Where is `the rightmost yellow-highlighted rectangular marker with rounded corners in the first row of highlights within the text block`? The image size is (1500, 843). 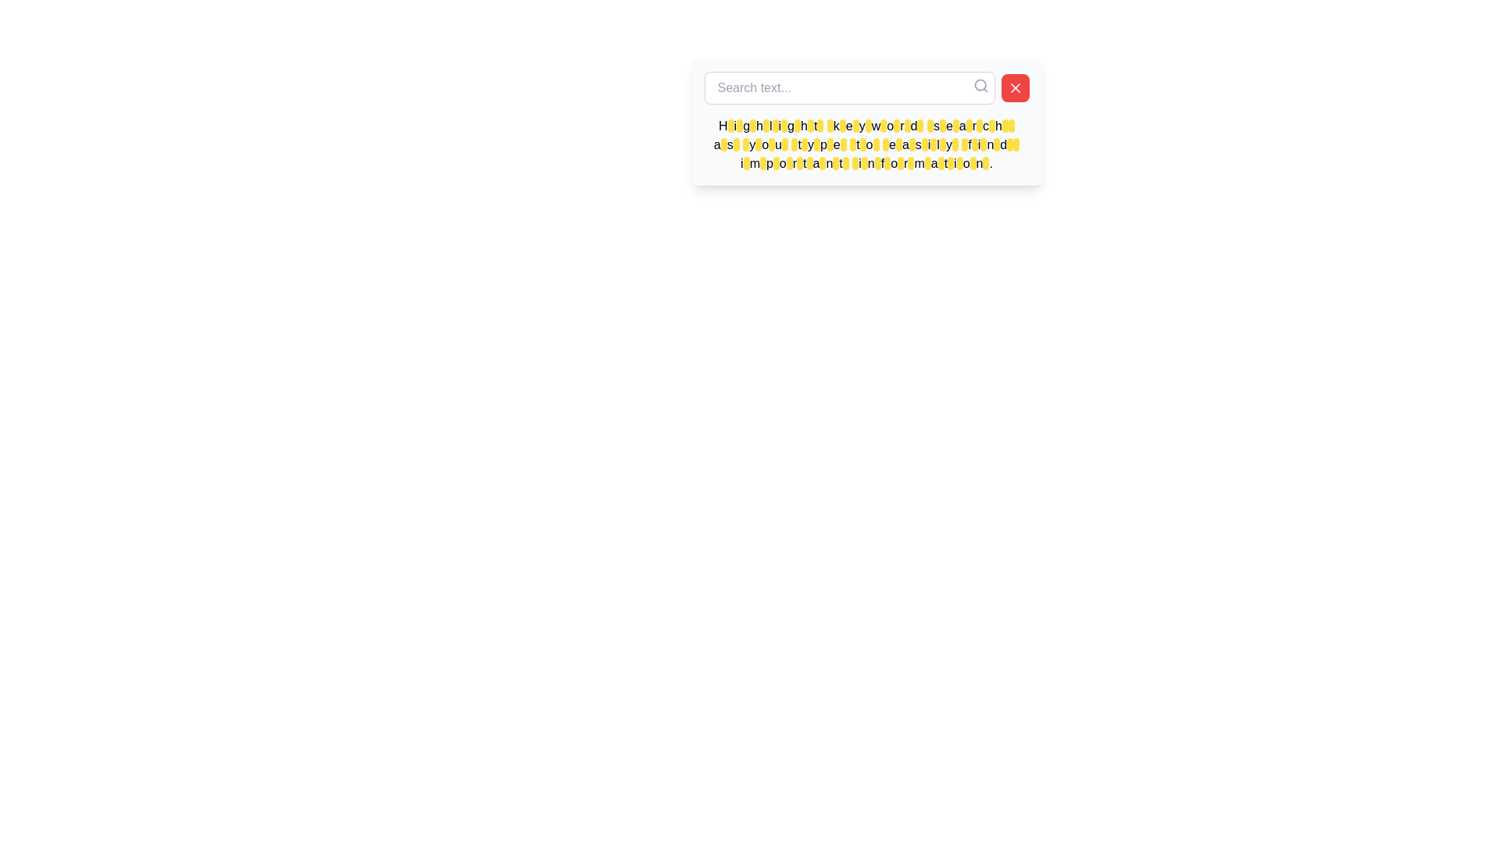
the rightmost yellow-highlighted rectangular marker with rounded corners in the first row of highlights within the text block is located at coordinates (1005, 125).